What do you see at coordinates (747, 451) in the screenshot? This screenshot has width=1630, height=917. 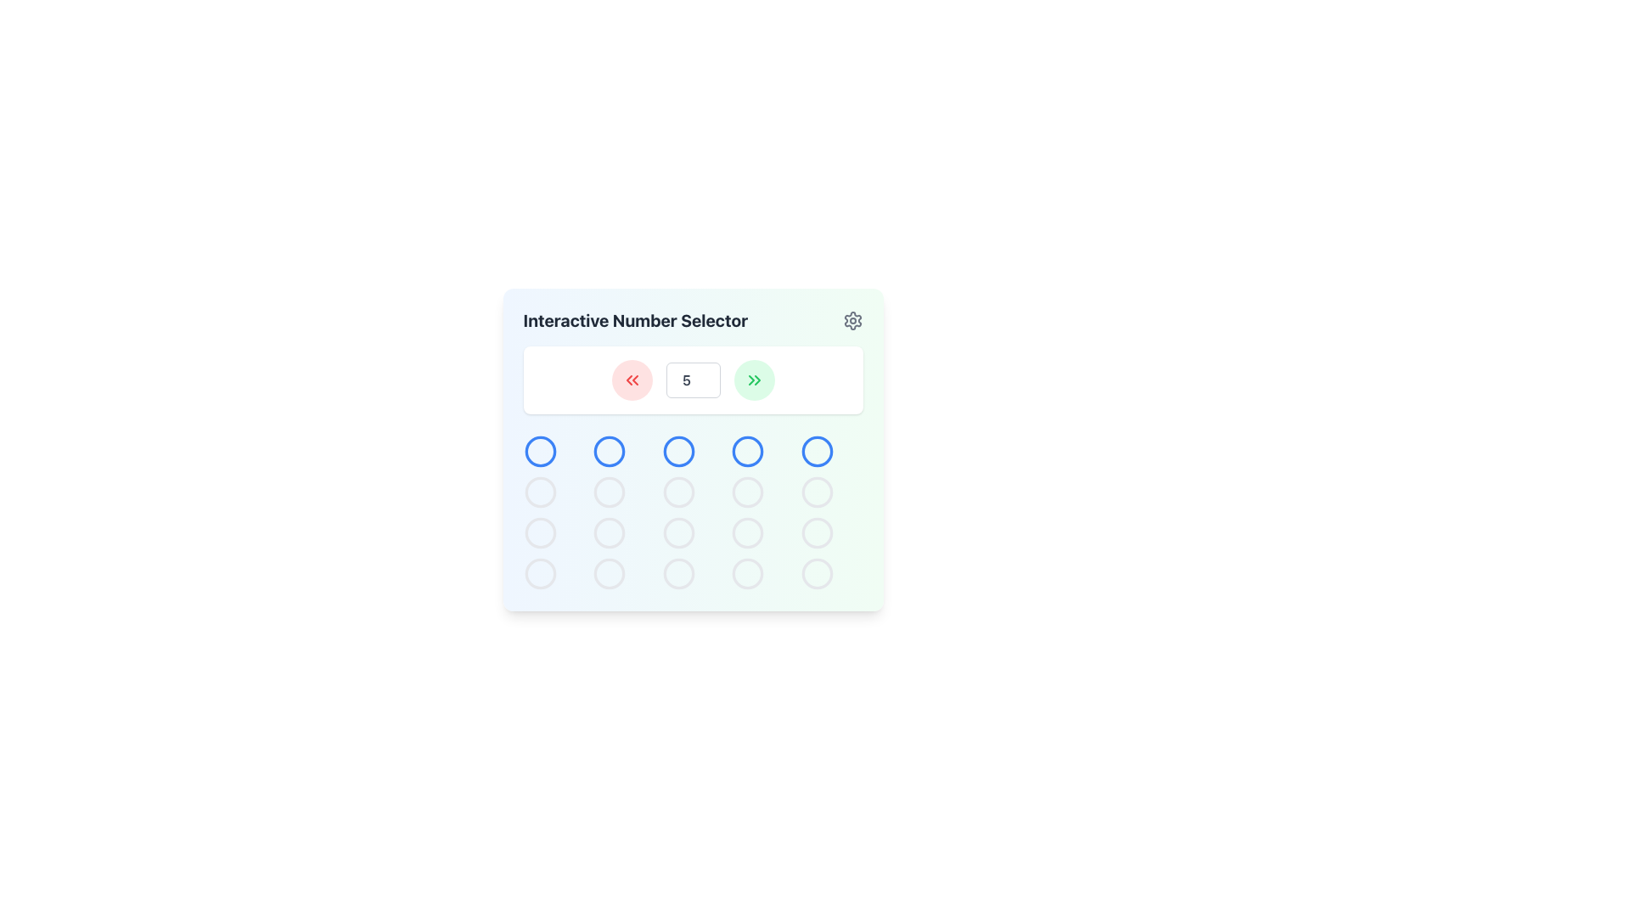 I see `the Circular graphical component with a blue-outlined circle and white interior located in the second row, fourth column under the header 'Interactive Number Selector'` at bounding box center [747, 451].